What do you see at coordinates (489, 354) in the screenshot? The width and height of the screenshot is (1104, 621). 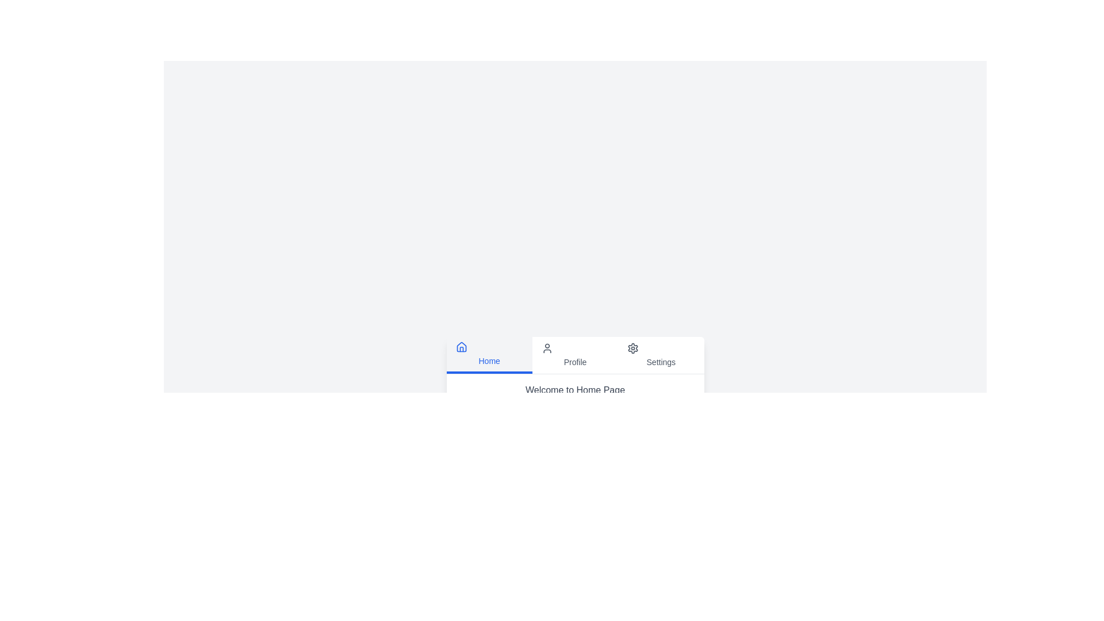 I see `the tab labeled 'Home' to switch to the respective tab` at bounding box center [489, 354].